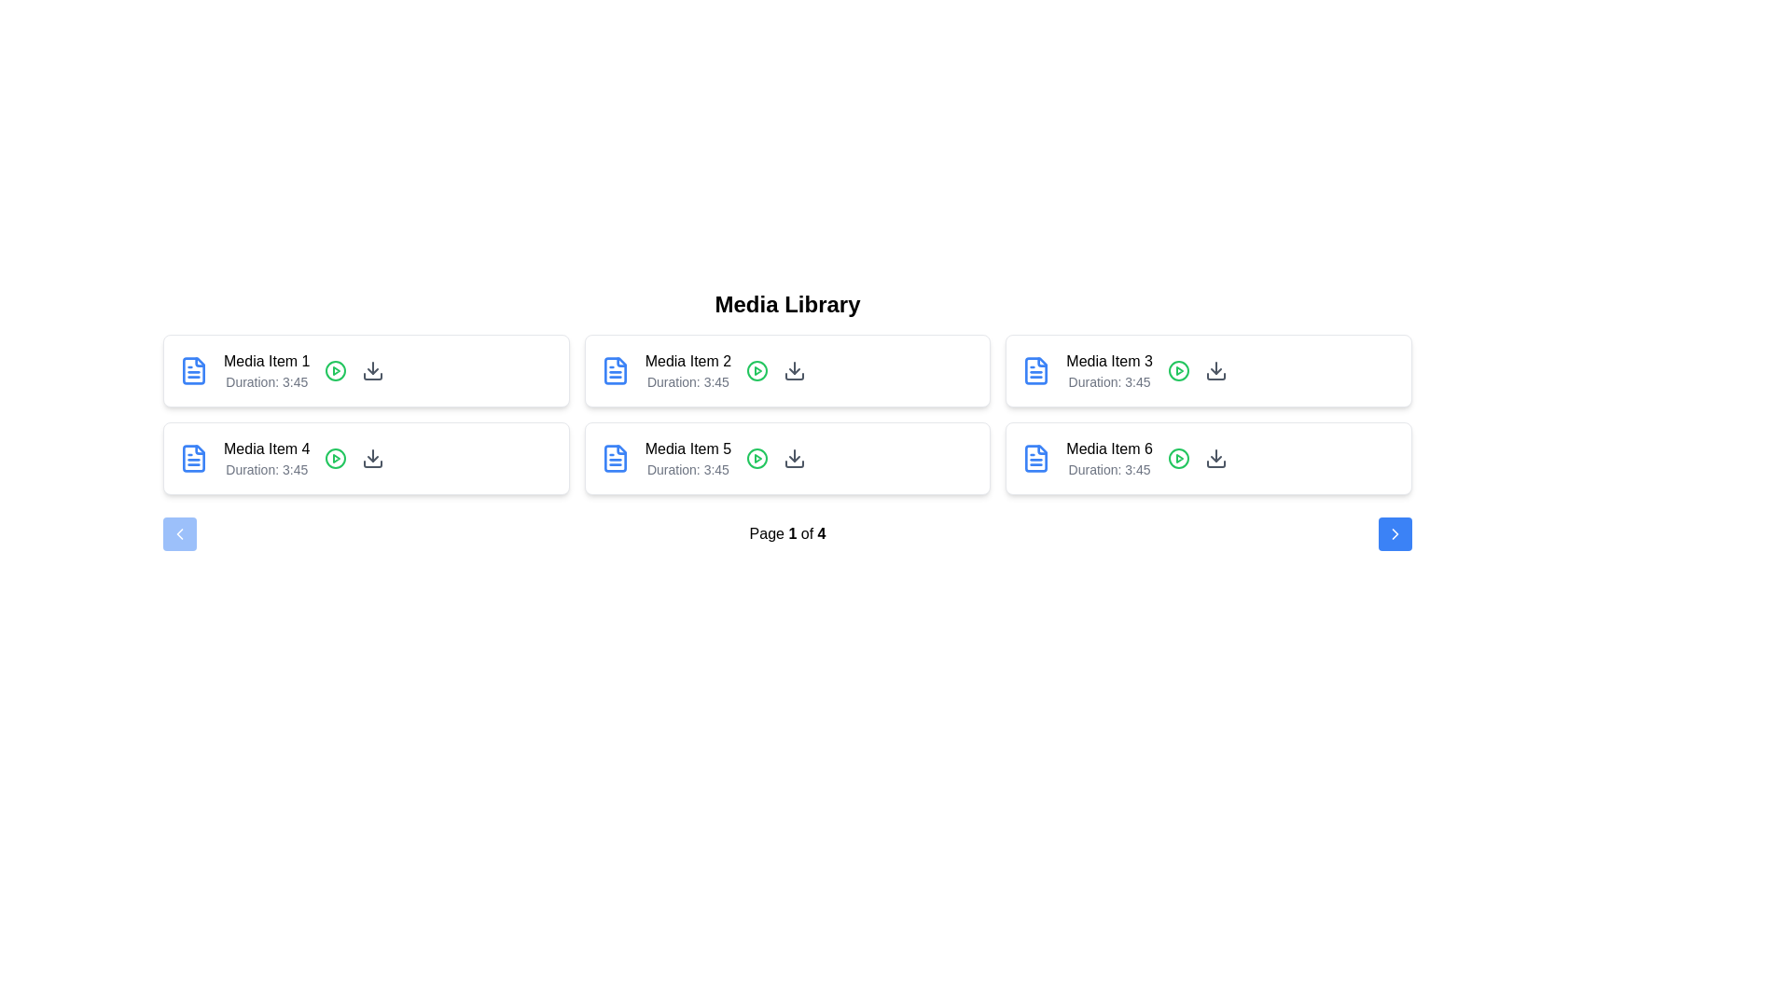  Describe the element at coordinates (1109, 362) in the screenshot. I see `the text label reading 'Media Item 3', which is styled with a medium weight font and serves as a title or identifier for an item, located in the second row, second column of the grid` at that location.